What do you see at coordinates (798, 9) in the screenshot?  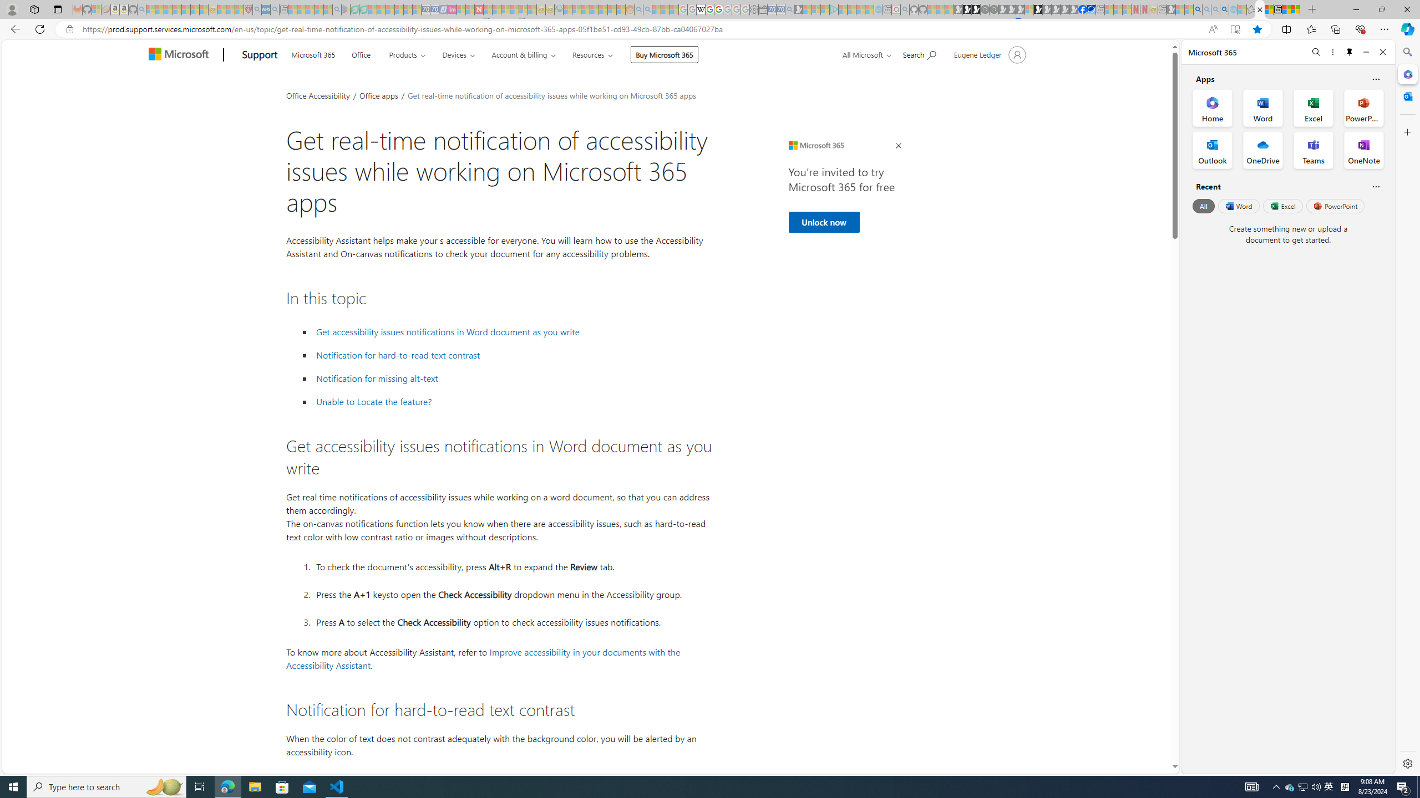 I see `'Microsoft Start Gaming - Sleeping'` at bounding box center [798, 9].